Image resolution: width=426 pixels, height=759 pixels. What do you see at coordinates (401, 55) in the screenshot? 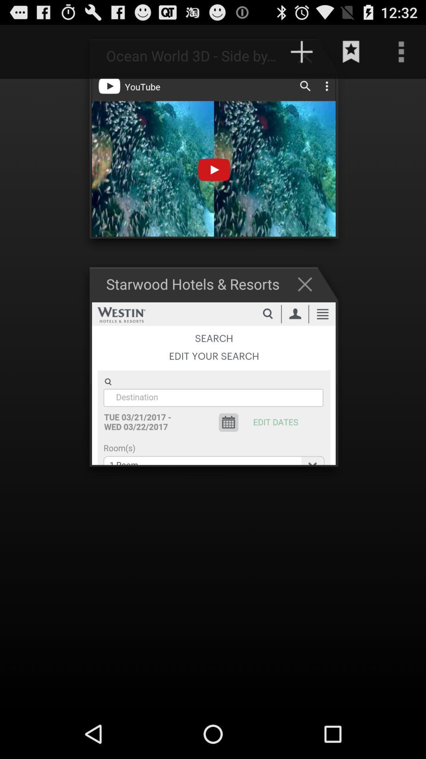
I see `the more icon` at bounding box center [401, 55].